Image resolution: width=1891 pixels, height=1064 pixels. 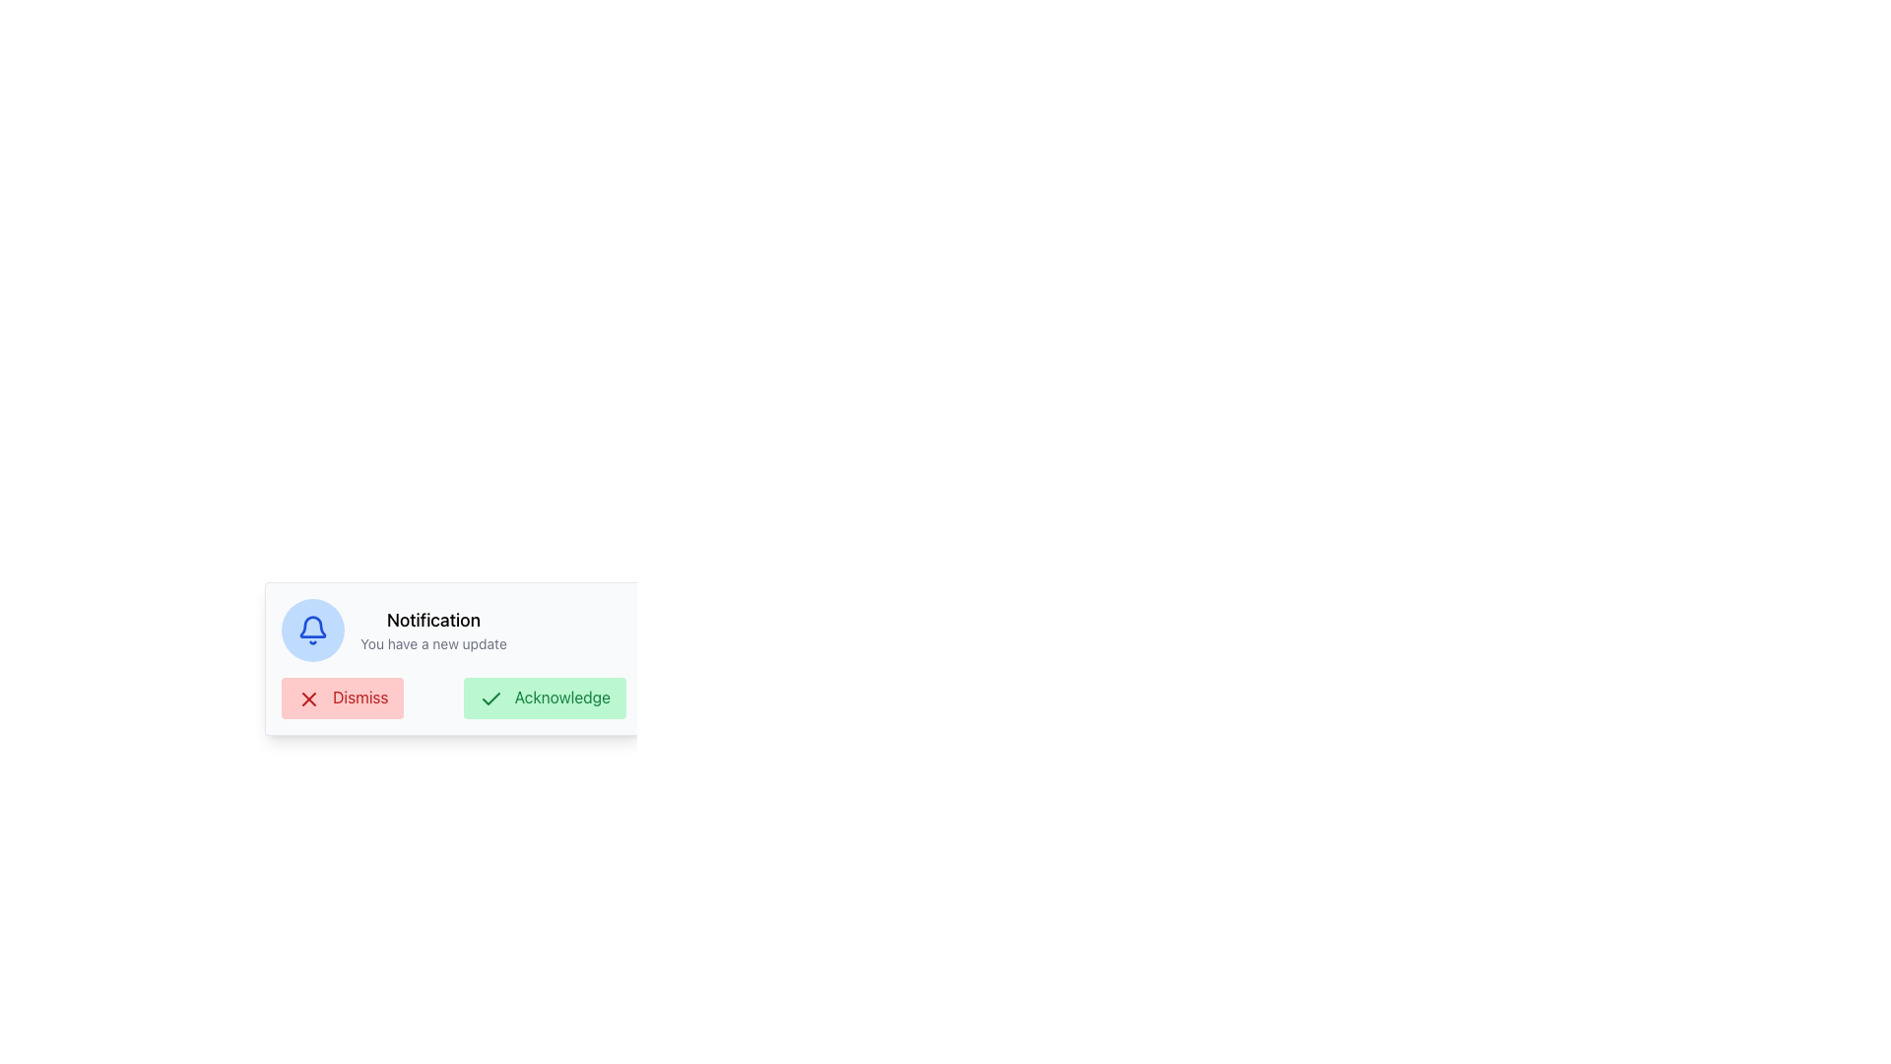 What do you see at coordinates (307, 698) in the screenshot?
I see `the dismiss icon located in the lower-left section of the dialog box` at bounding box center [307, 698].